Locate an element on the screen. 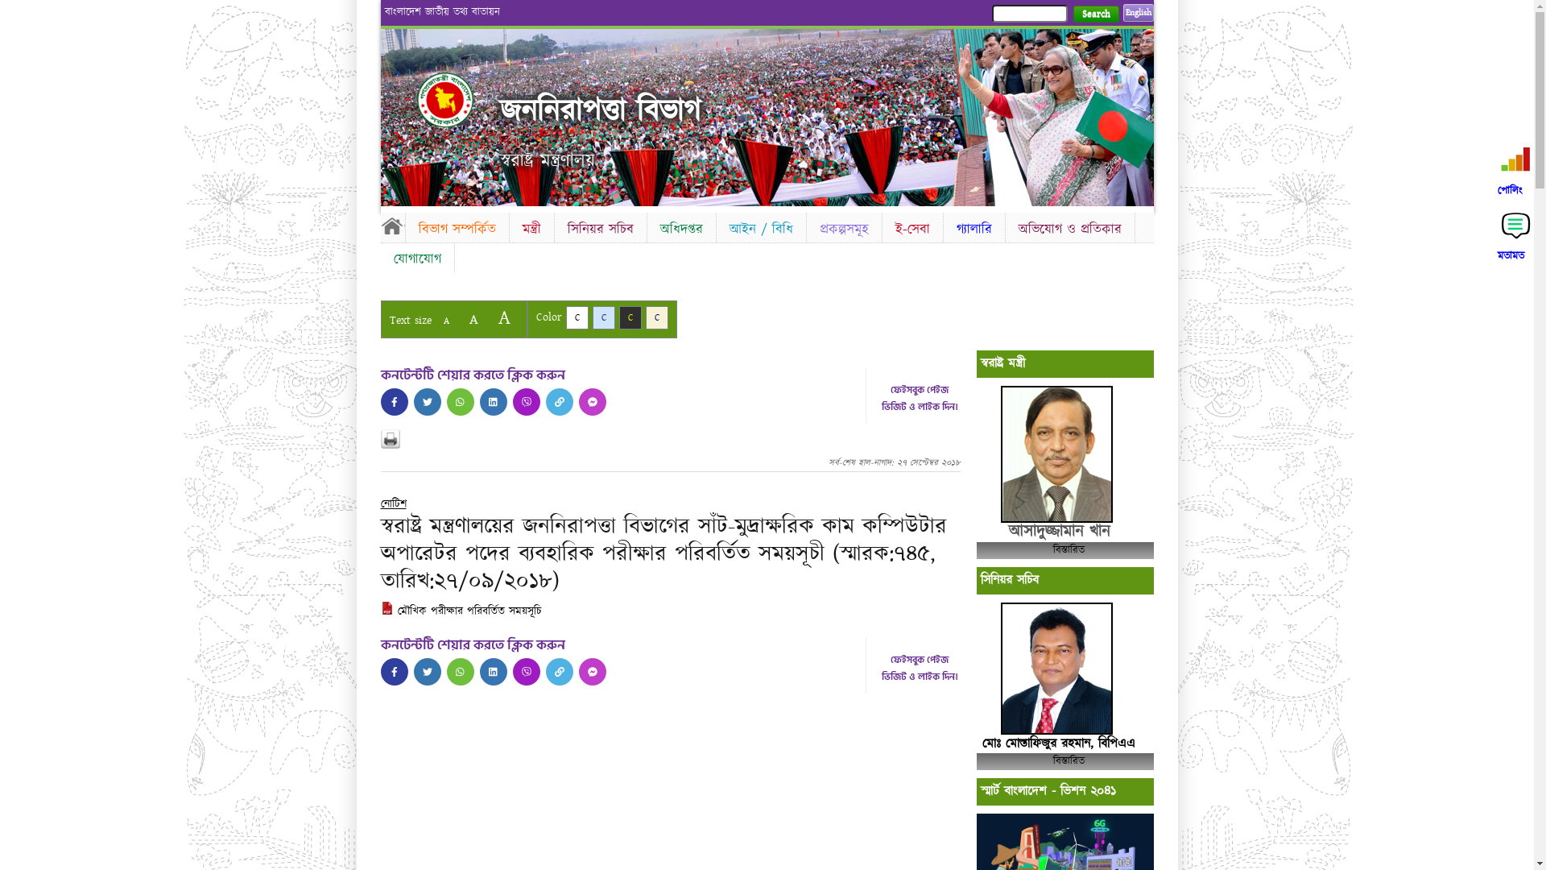 The height and width of the screenshot is (870, 1546). 'A' is located at coordinates (502, 317).